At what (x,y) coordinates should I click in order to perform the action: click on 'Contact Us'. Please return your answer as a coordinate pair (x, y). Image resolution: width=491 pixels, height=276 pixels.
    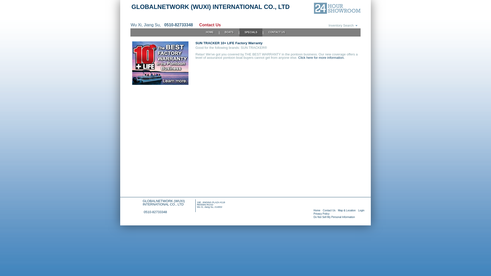
    Looking at the image, I should click on (207, 25).